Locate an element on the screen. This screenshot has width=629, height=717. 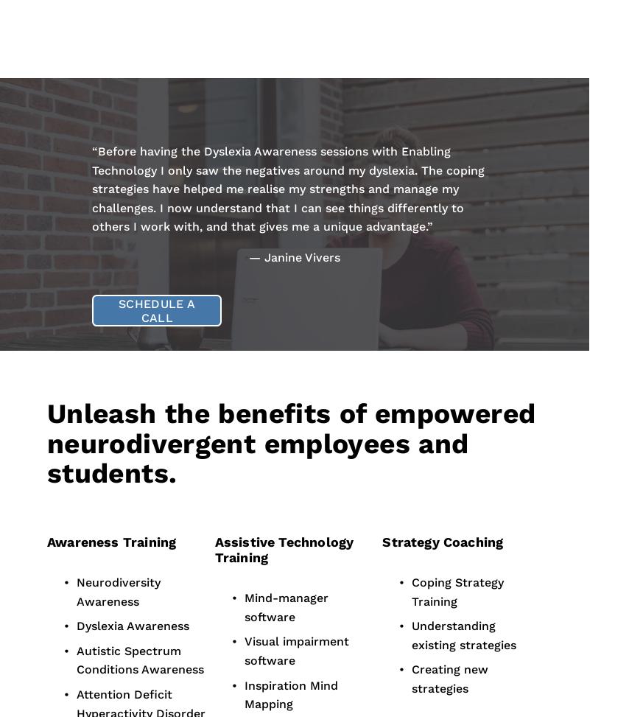
'Autistic Spectrum Conditions Awareness' is located at coordinates (139, 660).